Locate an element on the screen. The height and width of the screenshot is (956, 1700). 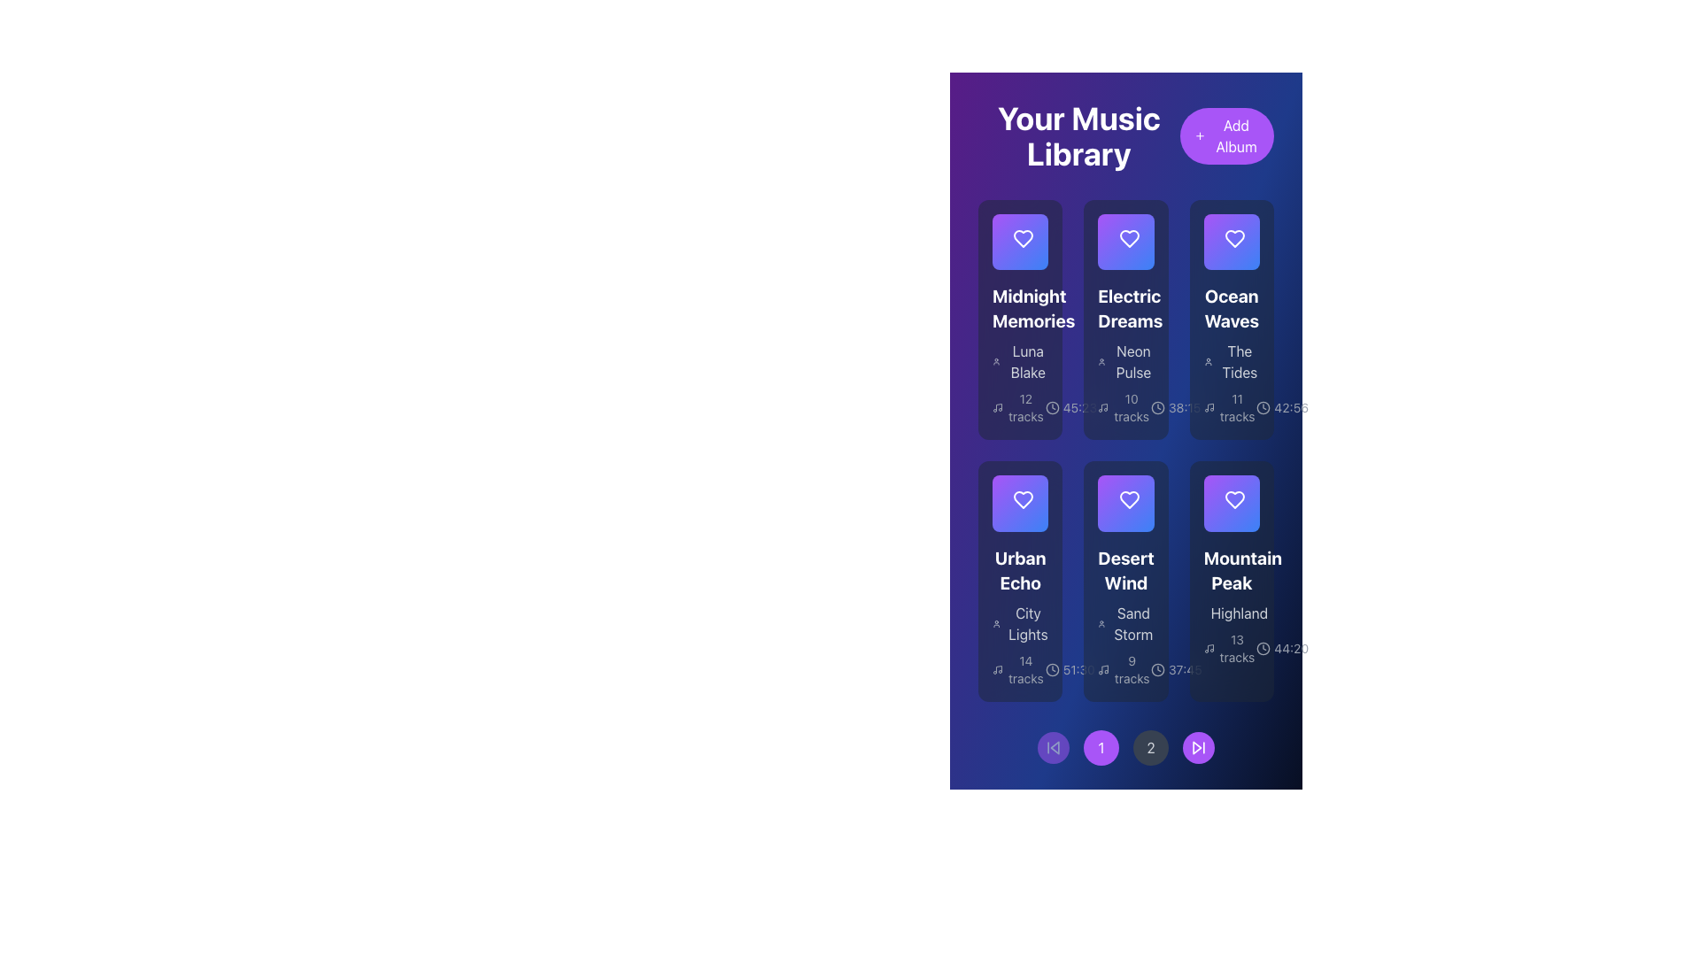
the 'City Lights' text label, which is a light gray label located below the 'Urban Echo' header and above the track information in the music album display card is located at coordinates (1020, 622).